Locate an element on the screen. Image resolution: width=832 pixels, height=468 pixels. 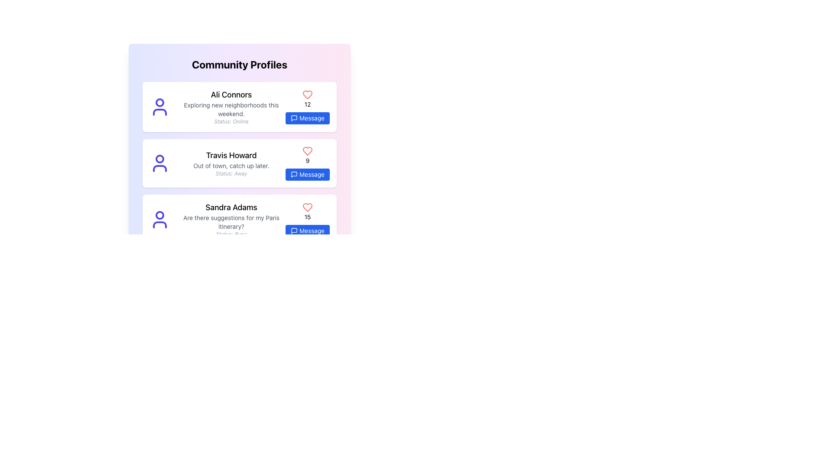
the SVG graphic representing the user 'Ali Connors' located in the topmost card under 'Community Profiles' is located at coordinates (160, 106).